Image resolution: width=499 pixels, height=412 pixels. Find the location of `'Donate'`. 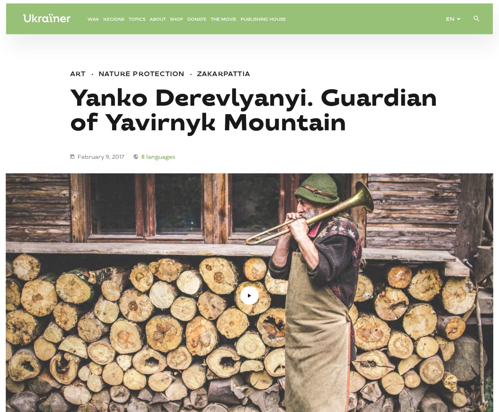

'Donate' is located at coordinates (197, 25).